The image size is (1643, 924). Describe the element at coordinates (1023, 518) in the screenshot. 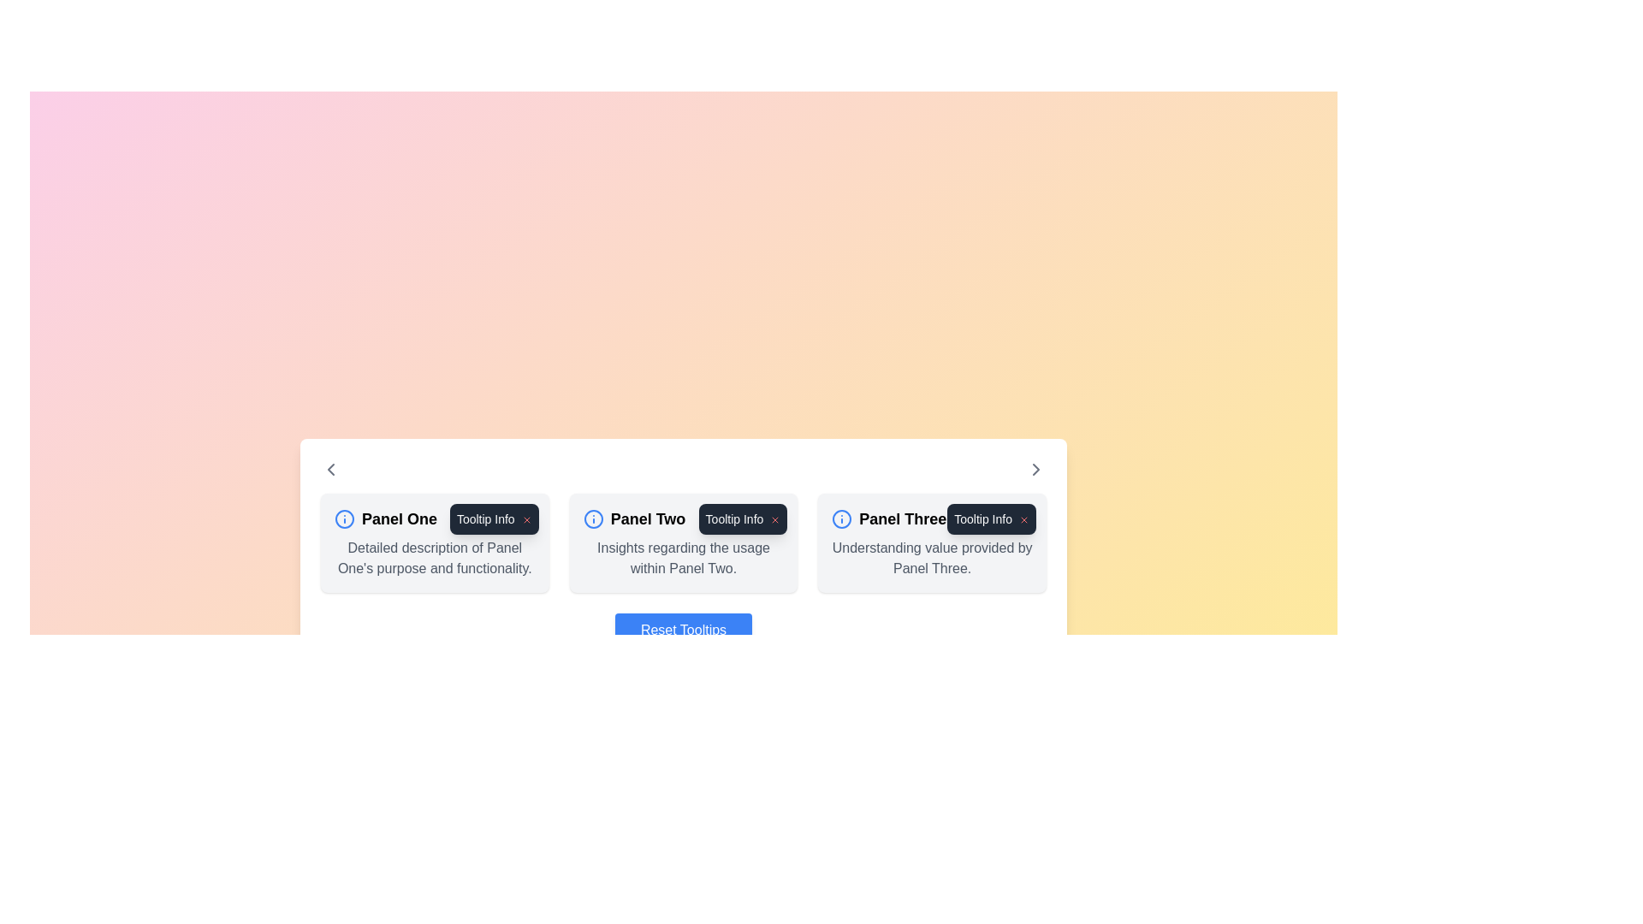

I see `the small red interactive close button ('X' shape) located in the upper-right corner of the 'Tooltip Info' tooltip associated with 'Panel Three' card` at that location.